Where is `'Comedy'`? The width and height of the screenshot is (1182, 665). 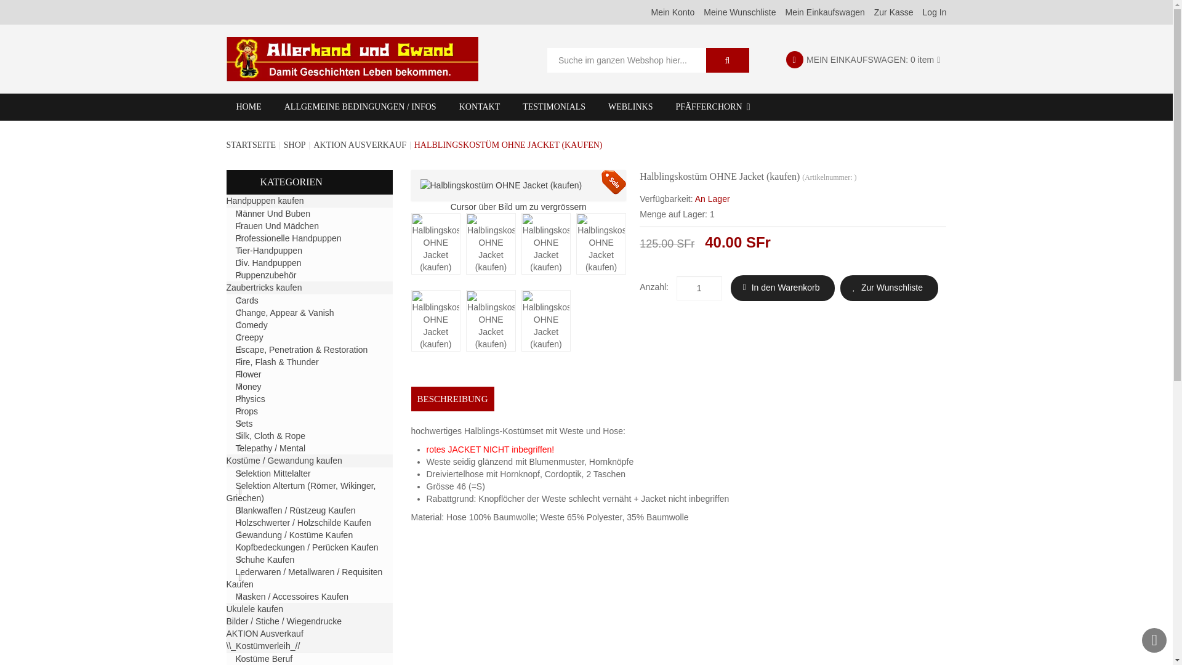 'Comedy' is located at coordinates (251, 324).